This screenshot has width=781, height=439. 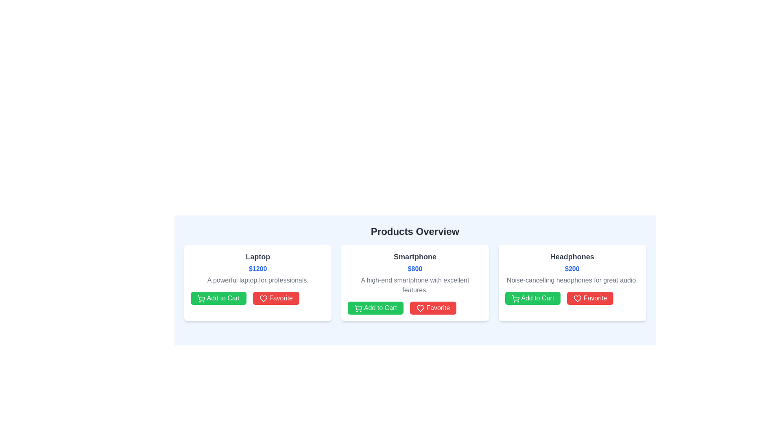 What do you see at coordinates (257, 298) in the screenshot?
I see `the dual-button group for the 'Laptop' item in the 'Products Overview' section` at bounding box center [257, 298].